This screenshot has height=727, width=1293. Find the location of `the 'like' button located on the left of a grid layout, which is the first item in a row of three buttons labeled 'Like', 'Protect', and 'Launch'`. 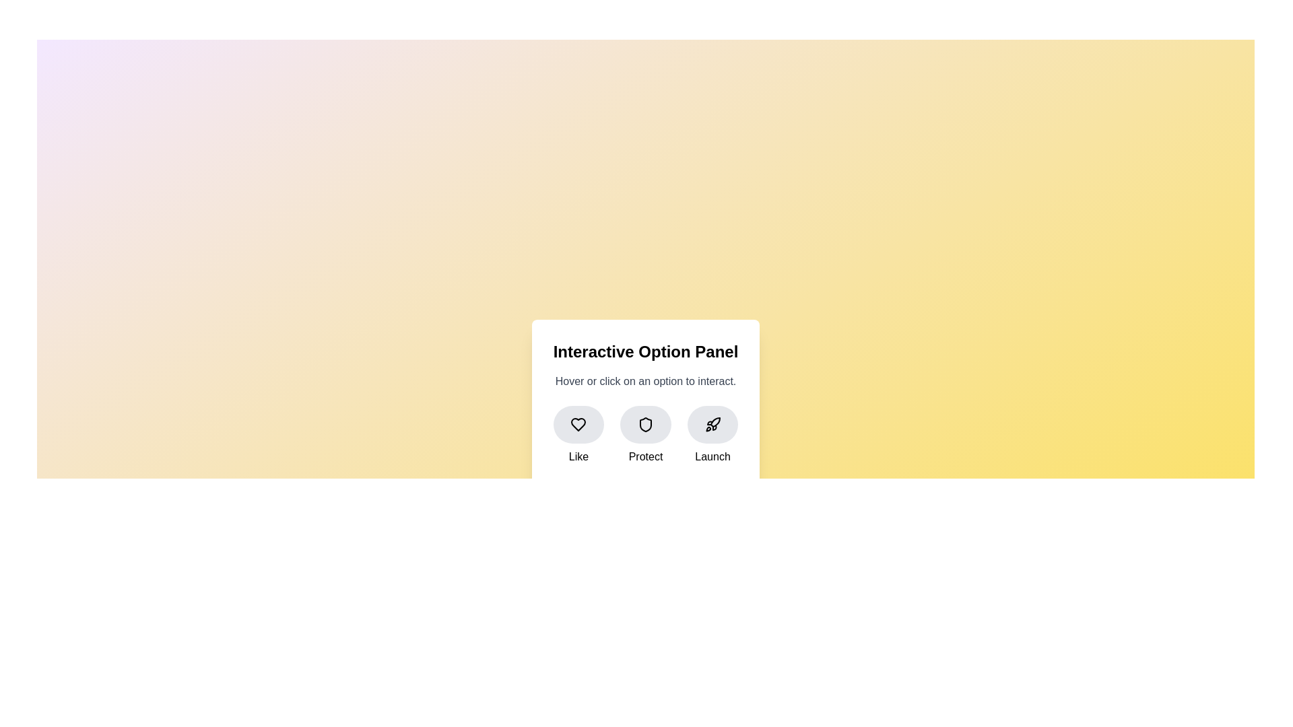

the 'like' button located on the left of a grid layout, which is the first item in a row of three buttons labeled 'Like', 'Protect', and 'Launch' is located at coordinates (578, 436).